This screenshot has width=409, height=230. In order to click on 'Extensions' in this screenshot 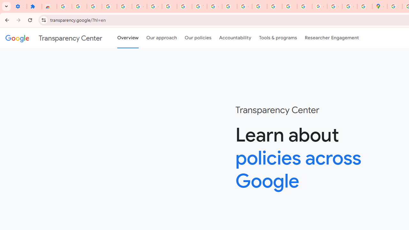, I will do `click(34, 6)`.